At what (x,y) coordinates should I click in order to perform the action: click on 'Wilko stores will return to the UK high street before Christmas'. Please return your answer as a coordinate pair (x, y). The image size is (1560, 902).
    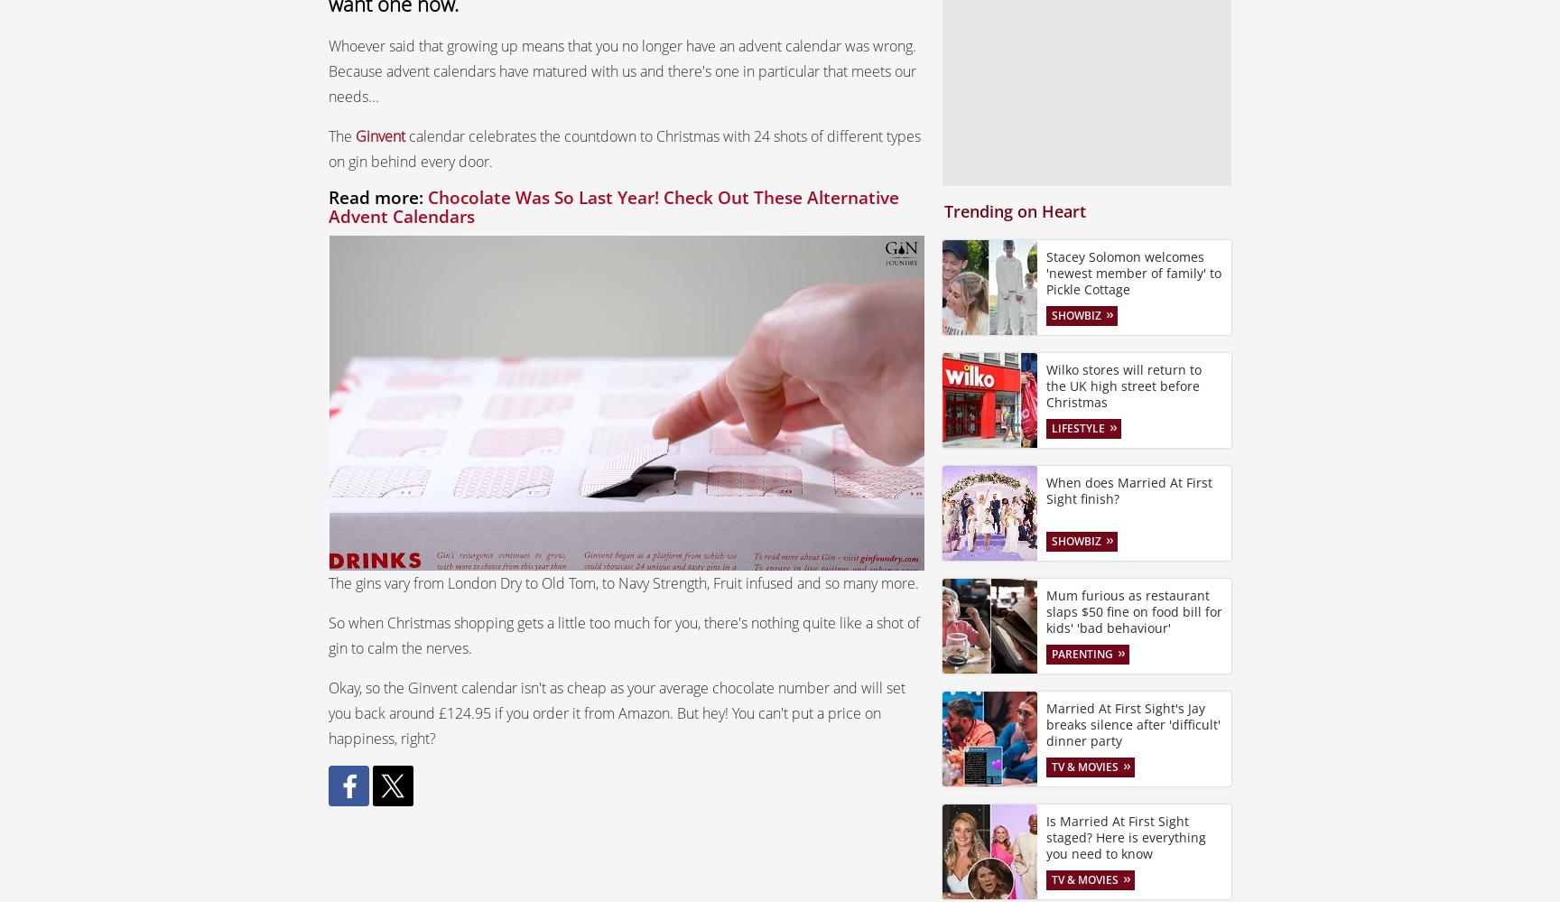
    Looking at the image, I should click on (1123, 384).